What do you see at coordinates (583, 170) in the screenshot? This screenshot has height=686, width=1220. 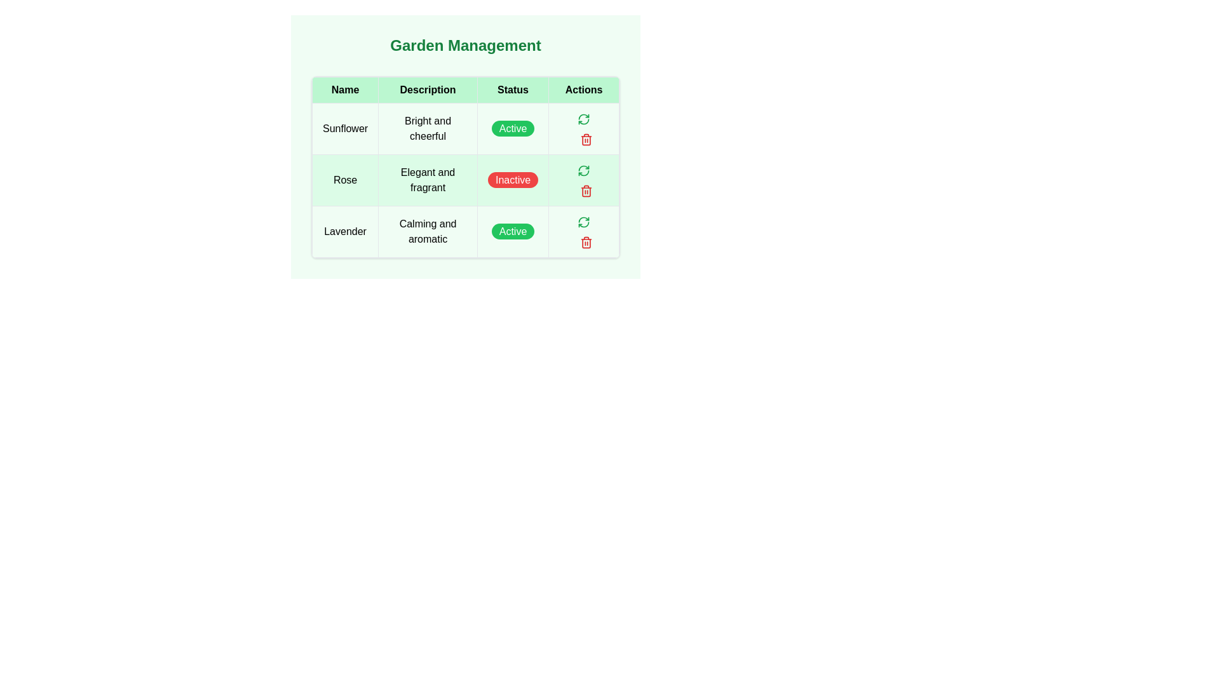 I see `the circular refresh icon button located in the 'Actions' column of the 'Garden Management' interface` at bounding box center [583, 170].